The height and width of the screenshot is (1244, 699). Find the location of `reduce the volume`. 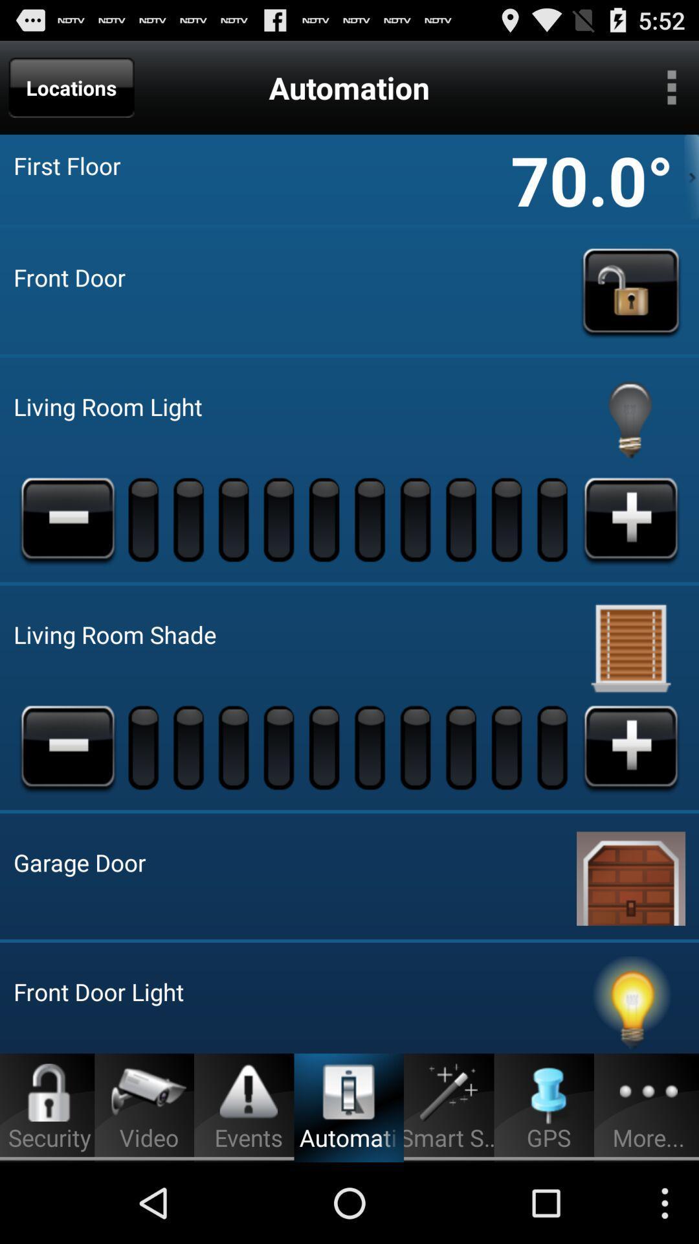

reduce the volume is located at coordinates (67, 747).